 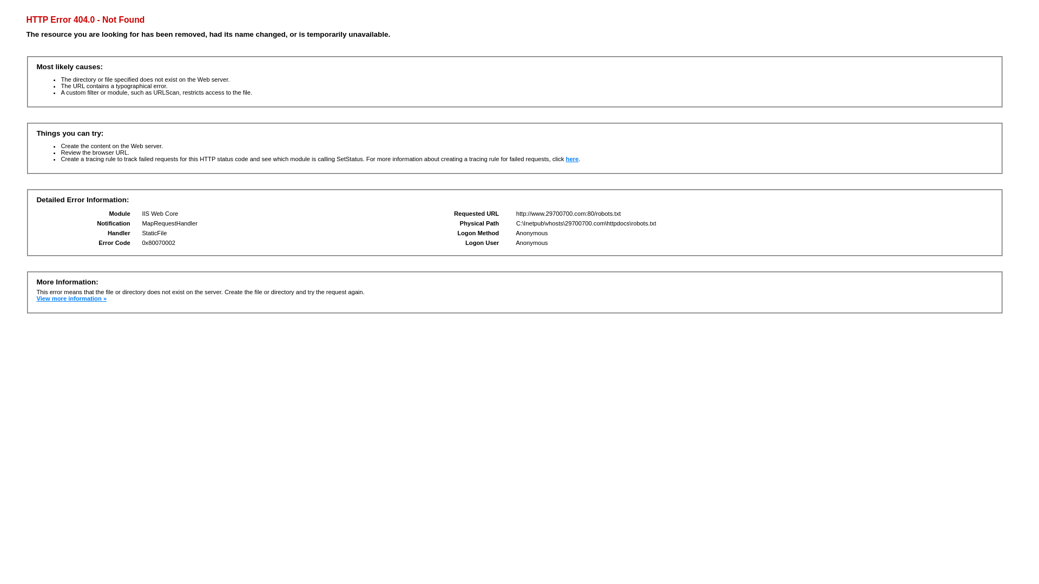 What do you see at coordinates (571, 158) in the screenshot?
I see `'here'` at bounding box center [571, 158].